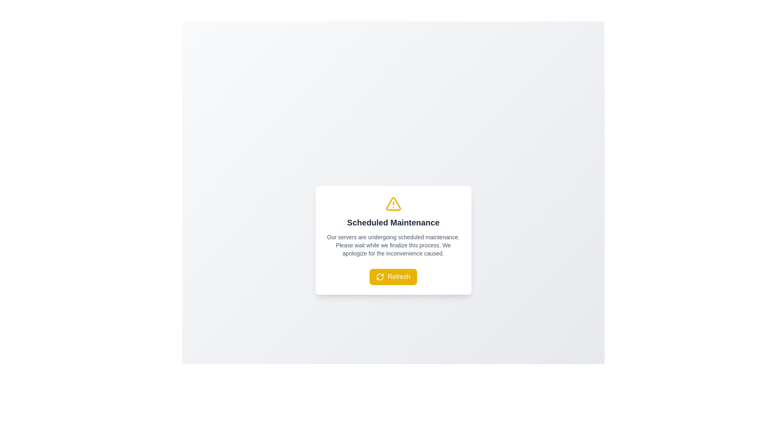  What do you see at coordinates (393, 203) in the screenshot?
I see `the warning icon located at the top center of the modal, which indicates a scheduled maintenance alert above the 'Scheduled Maintenance' text` at bounding box center [393, 203].